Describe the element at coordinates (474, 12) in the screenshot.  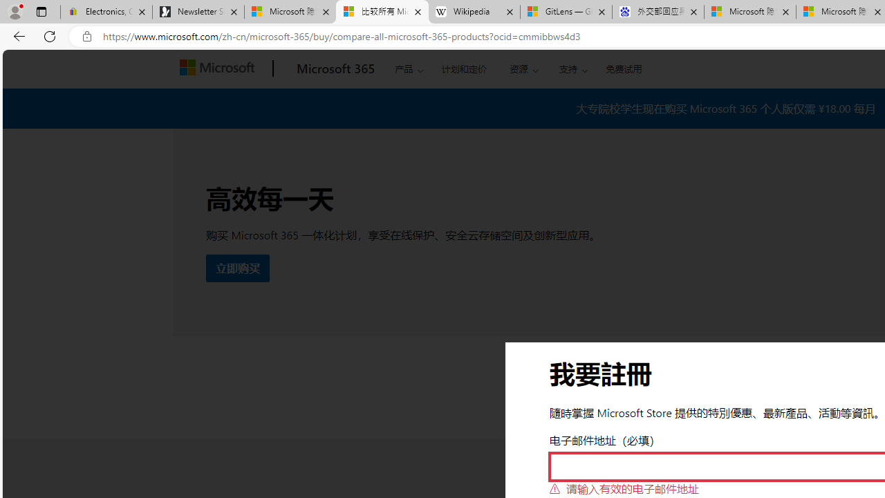
I see `'Wikipedia'` at that location.